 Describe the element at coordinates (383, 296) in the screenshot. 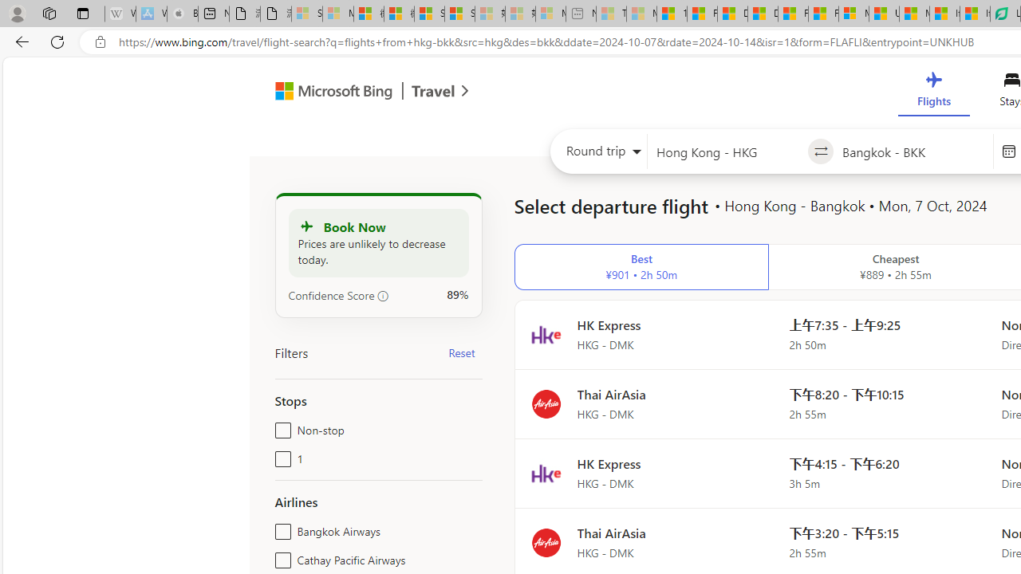

I see `'Info tooltip'` at that location.